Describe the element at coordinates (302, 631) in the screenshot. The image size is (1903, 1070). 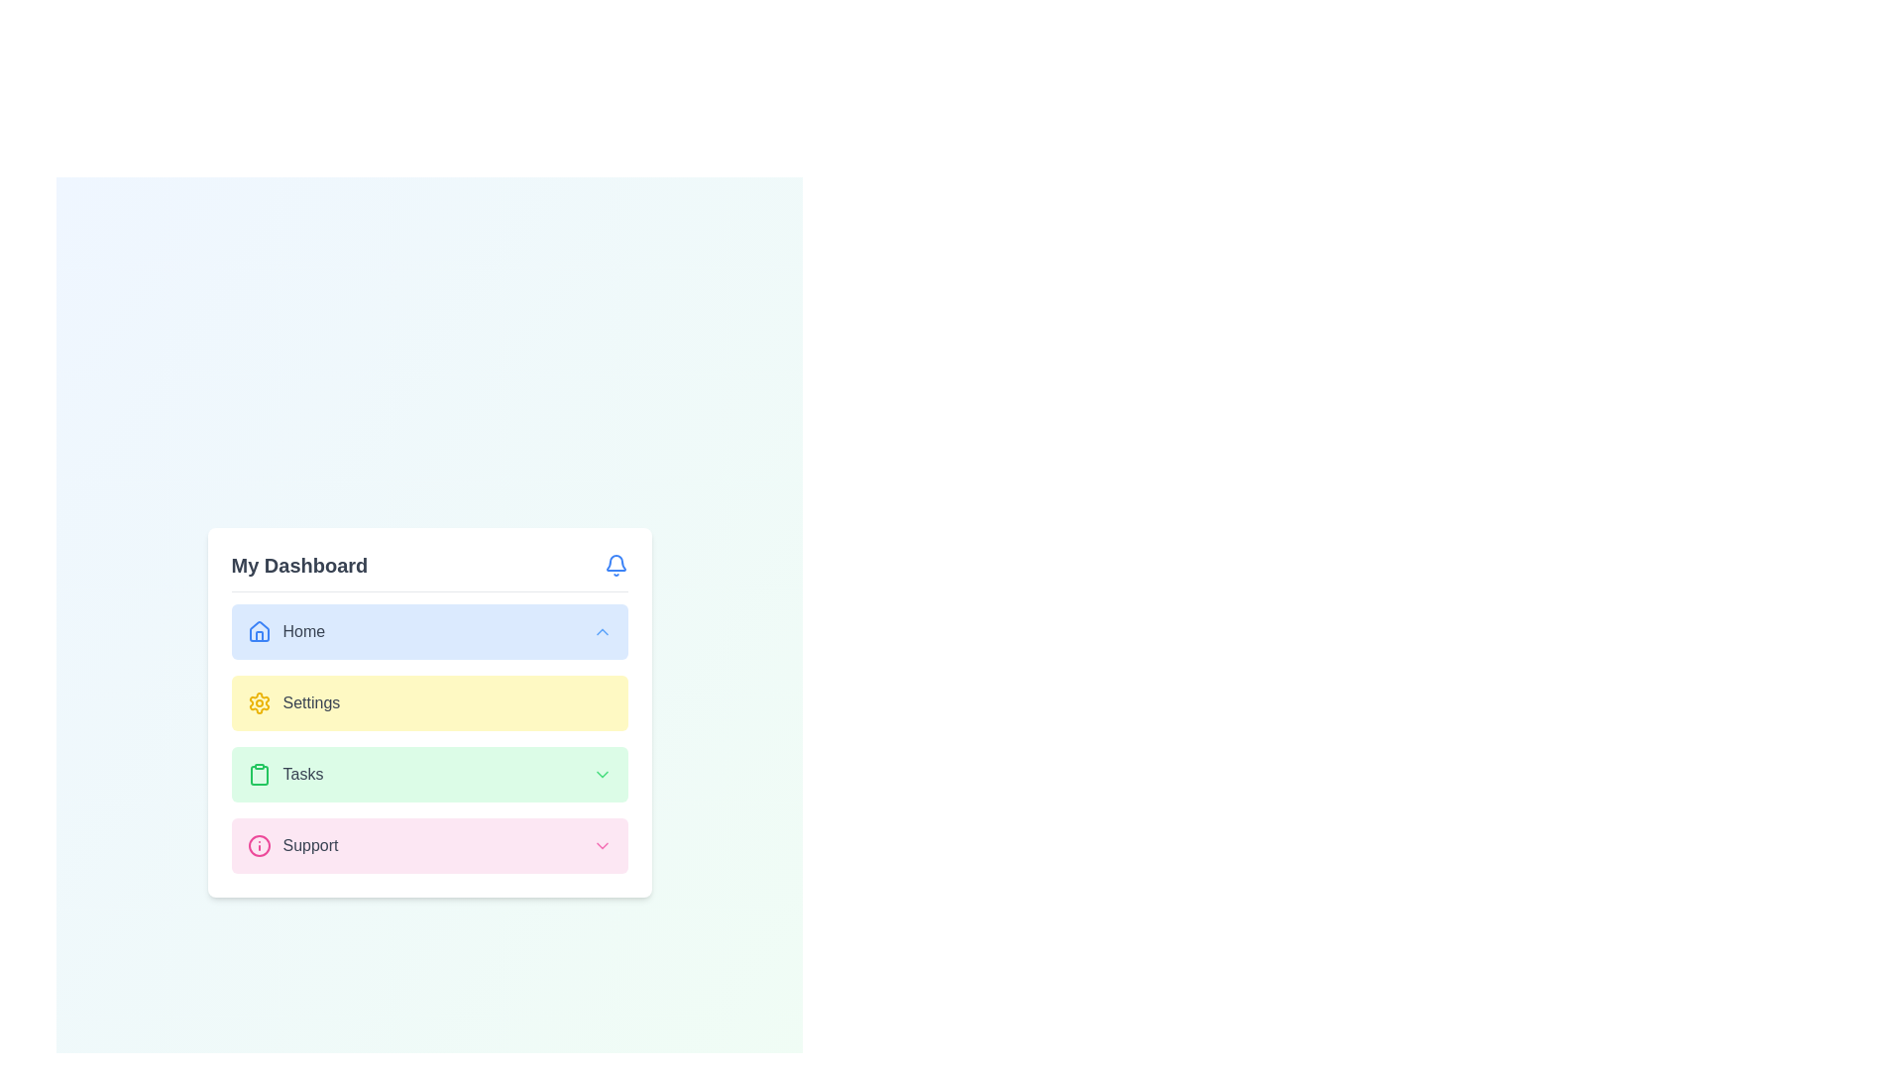
I see `the text label indicating the name of the section associated with the adjacent house icon in the 'My Dashboard' section` at that location.